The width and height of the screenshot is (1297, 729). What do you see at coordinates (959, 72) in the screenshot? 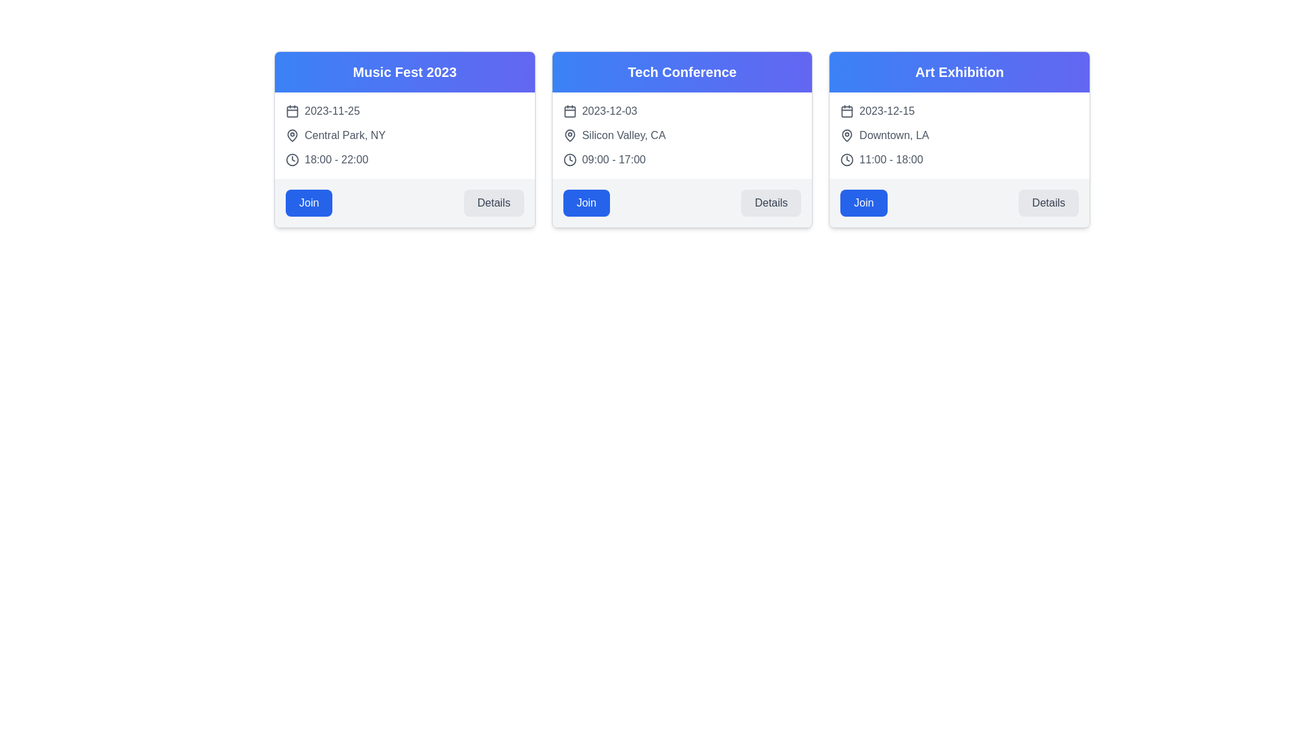
I see `the Header Text Display element that contains the text 'Art Exhibition' in bold white font, located at the top of the last card in a horizontal list of three cards` at bounding box center [959, 72].